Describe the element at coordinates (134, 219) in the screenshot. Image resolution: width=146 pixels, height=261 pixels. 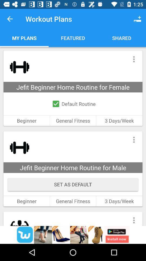
I see `more chioces` at that location.